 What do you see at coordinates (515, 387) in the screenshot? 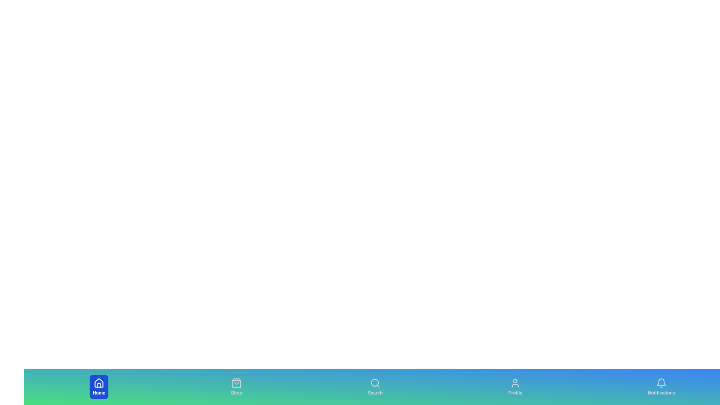
I see `the Profile tab to view its hover effects` at bounding box center [515, 387].